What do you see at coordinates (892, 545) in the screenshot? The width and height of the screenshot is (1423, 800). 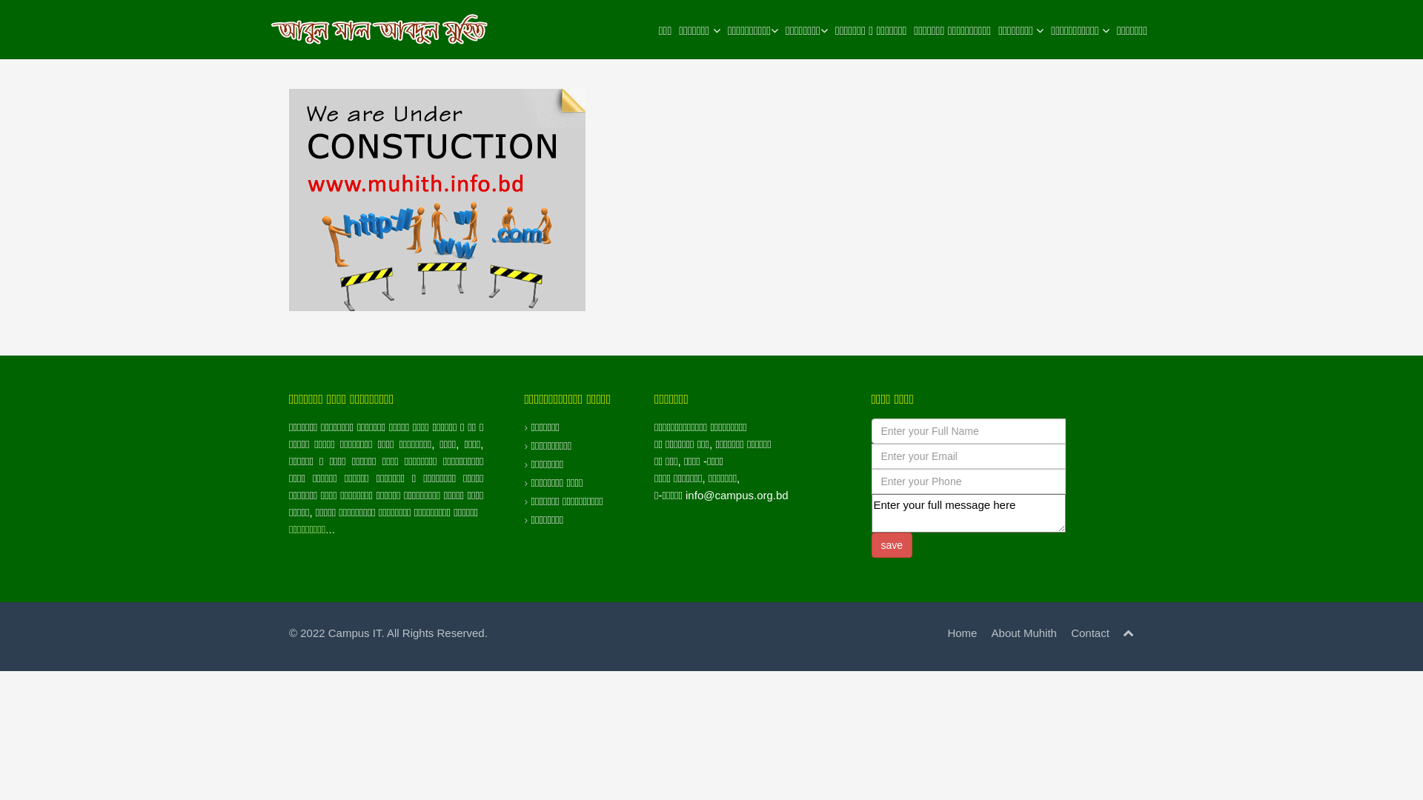 I see `'save'` at bounding box center [892, 545].